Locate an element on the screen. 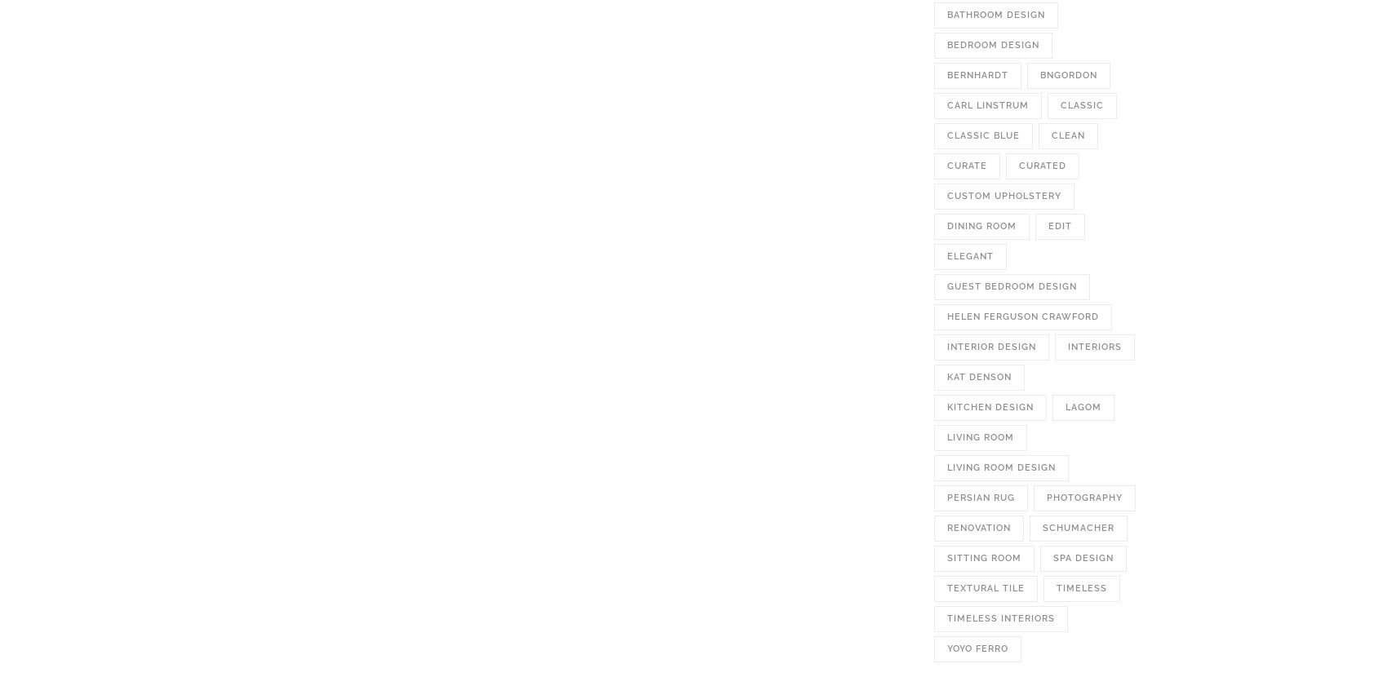 The width and height of the screenshot is (1387, 677). 'kitchen design' is located at coordinates (989, 407).